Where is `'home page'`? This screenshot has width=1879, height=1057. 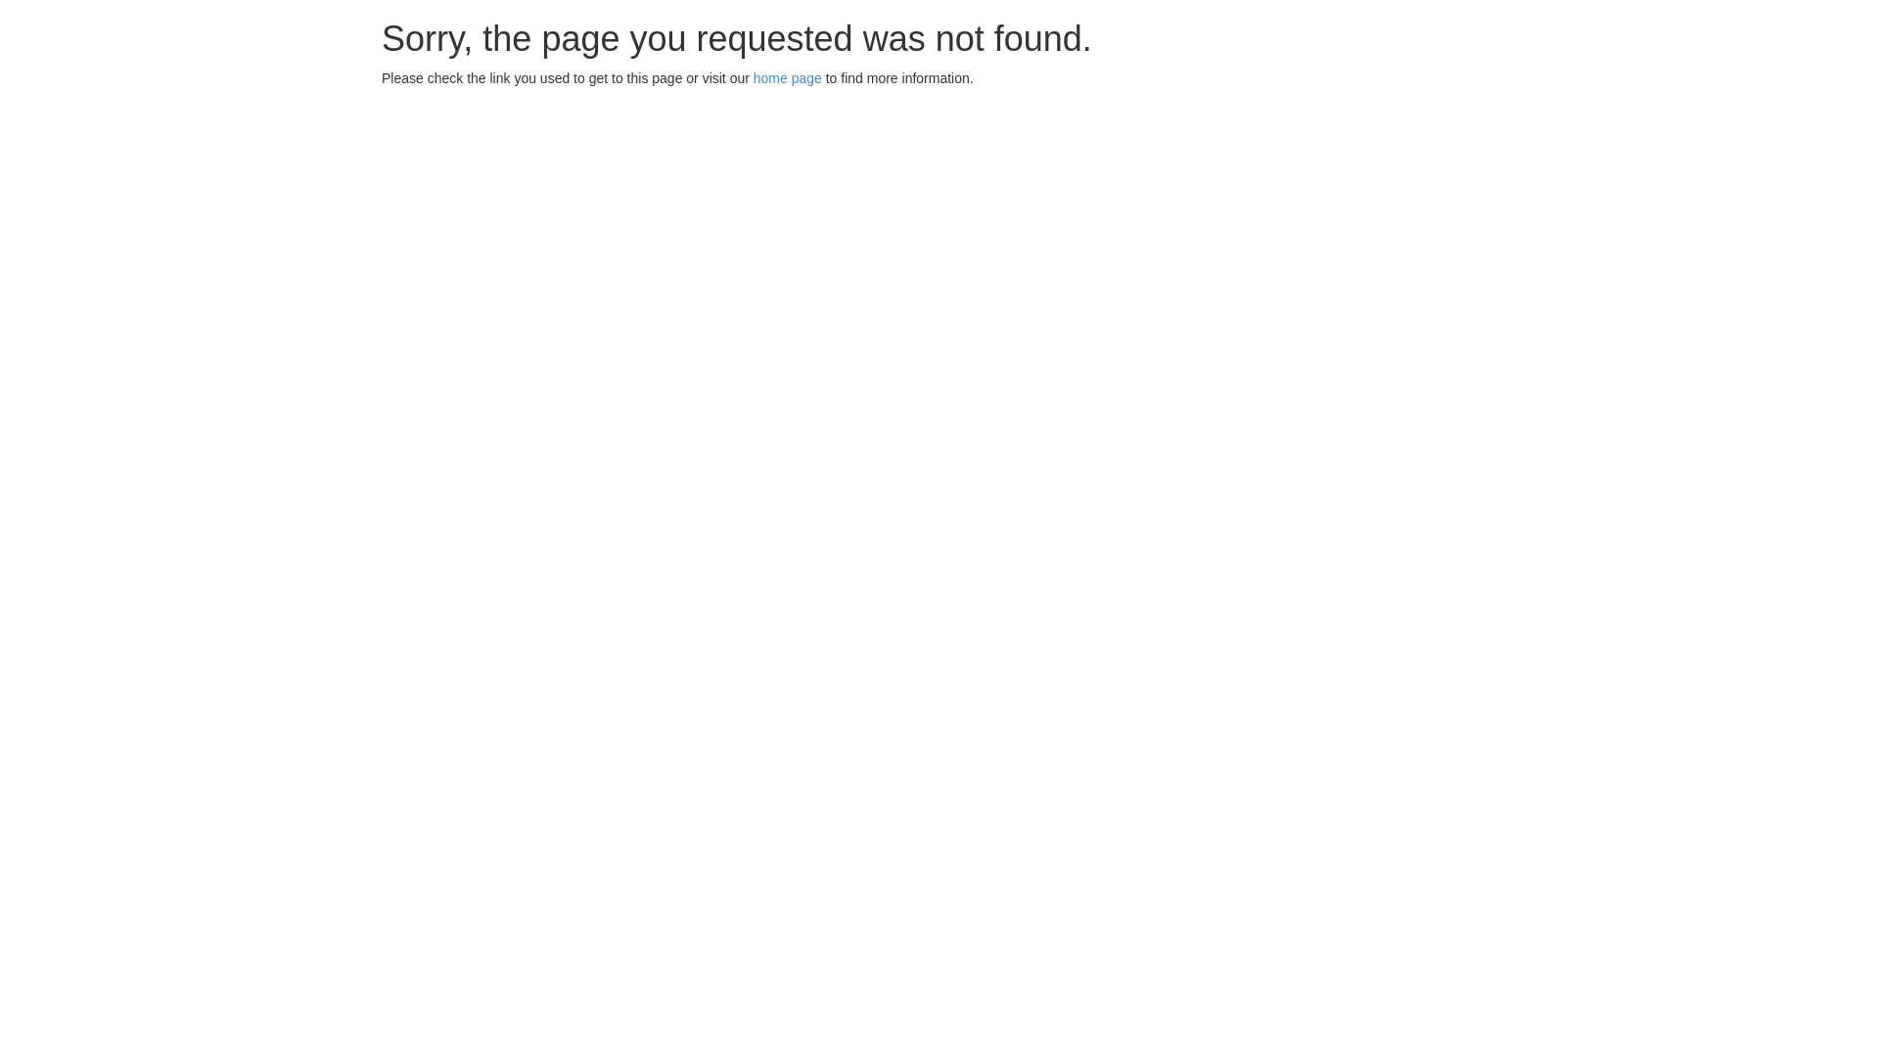
'home page' is located at coordinates (752, 77).